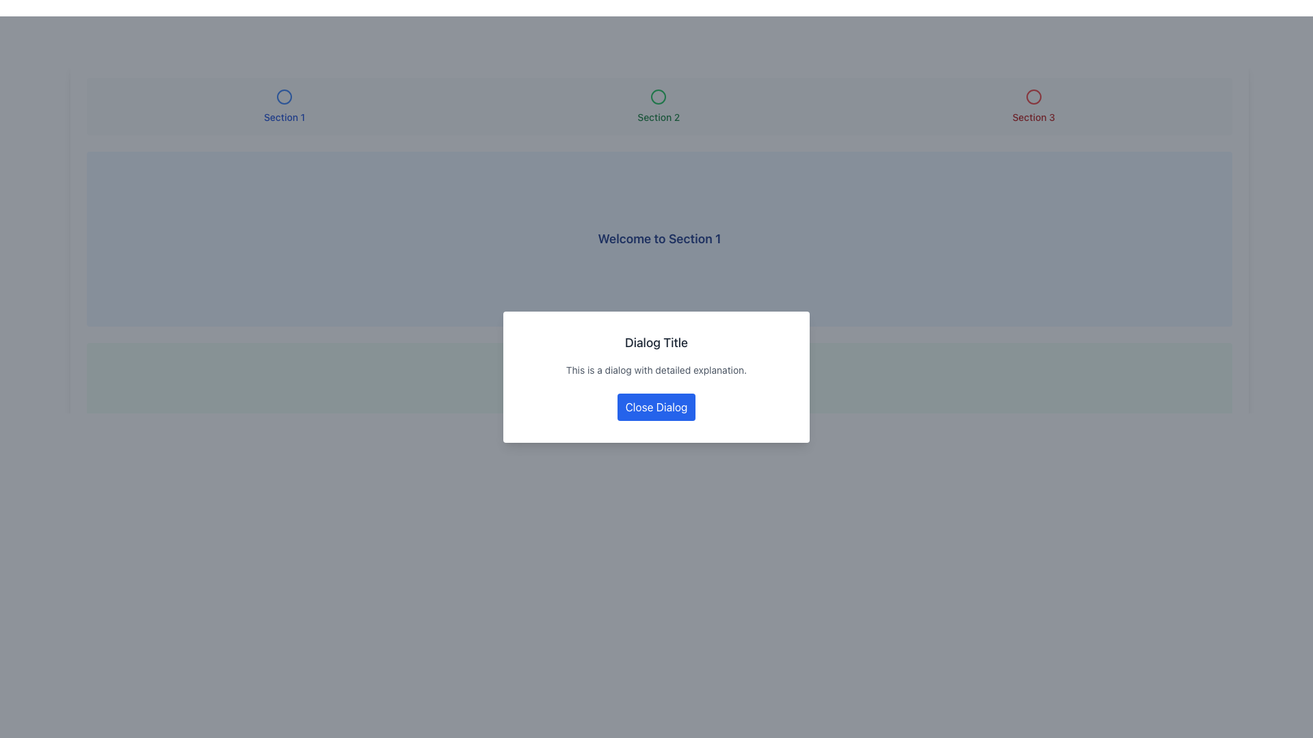 The height and width of the screenshot is (738, 1313). I want to click on the first hyperlink in the navigation group that links to 'Section 1' to trigger the hover effect, so click(284, 105).